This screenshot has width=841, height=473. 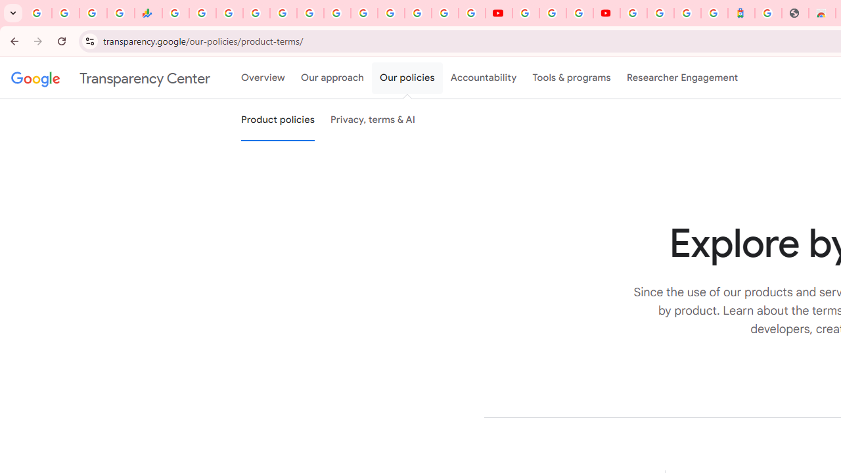 What do you see at coordinates (571, 78) in the screenshot?
I see `'Tools & programs'` at bounding box center [571, 78].